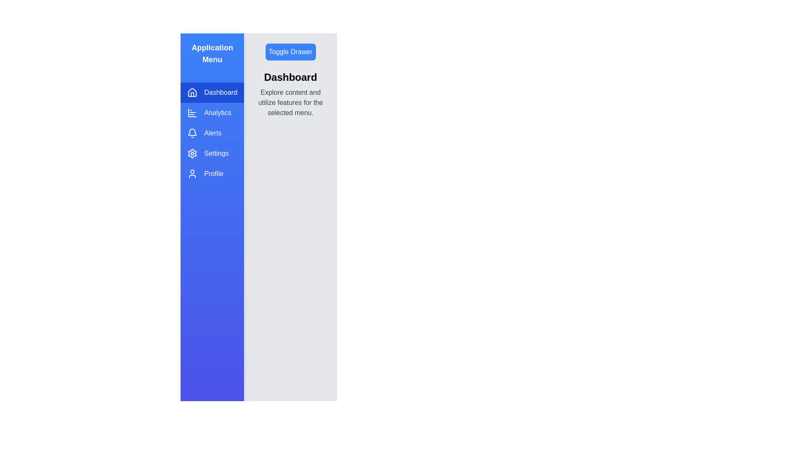 This screenshot has width=812, height=457. What do you see at coordinates (212, 93) in the screenshot?
I see `the menu item Dashboard from the drawer to switch to the corresponding section` at bounding box center [212, 93].